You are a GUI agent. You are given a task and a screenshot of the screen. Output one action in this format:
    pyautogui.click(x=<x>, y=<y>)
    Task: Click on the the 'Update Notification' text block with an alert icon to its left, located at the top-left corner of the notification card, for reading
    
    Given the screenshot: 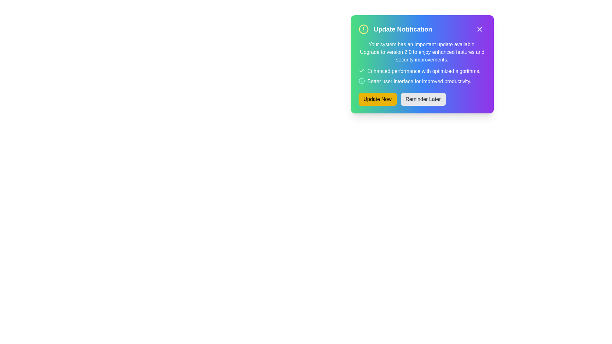 What is the action you would take?
    pyautogui.click(x=395, y=29)
    